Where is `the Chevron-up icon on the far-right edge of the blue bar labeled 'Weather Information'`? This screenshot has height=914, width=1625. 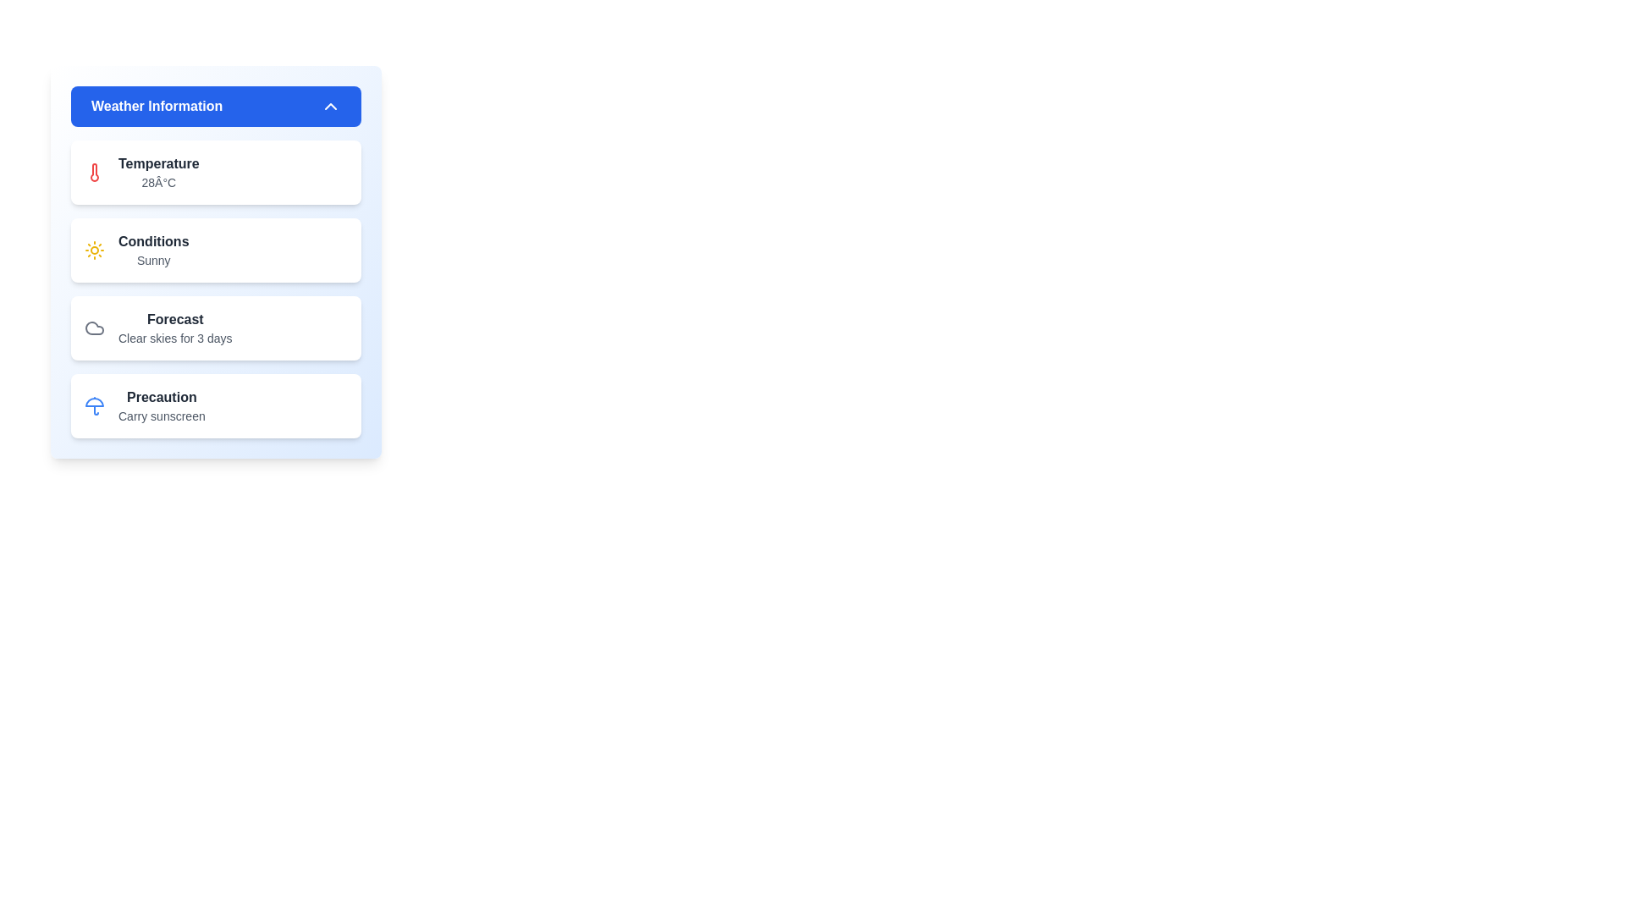 the Chevron-up icon on the far-right edge of the blue bar labeled 'Weather Information' is located at coordinates (330, 107).